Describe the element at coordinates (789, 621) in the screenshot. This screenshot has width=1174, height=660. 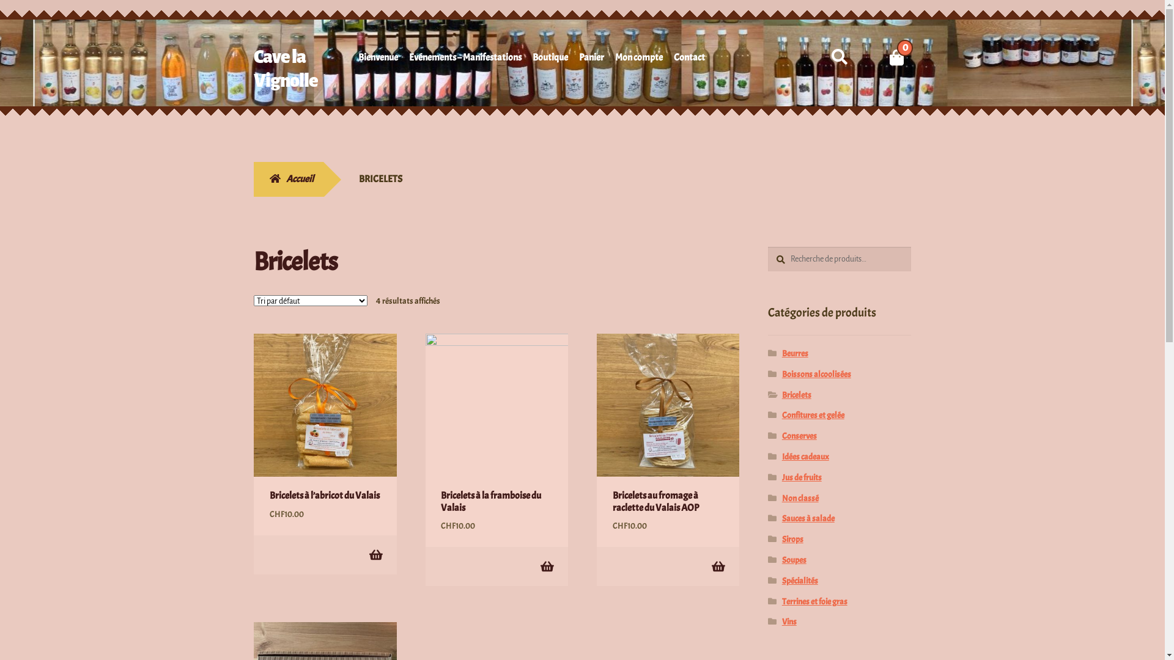
I see `'Vins'` at that location.